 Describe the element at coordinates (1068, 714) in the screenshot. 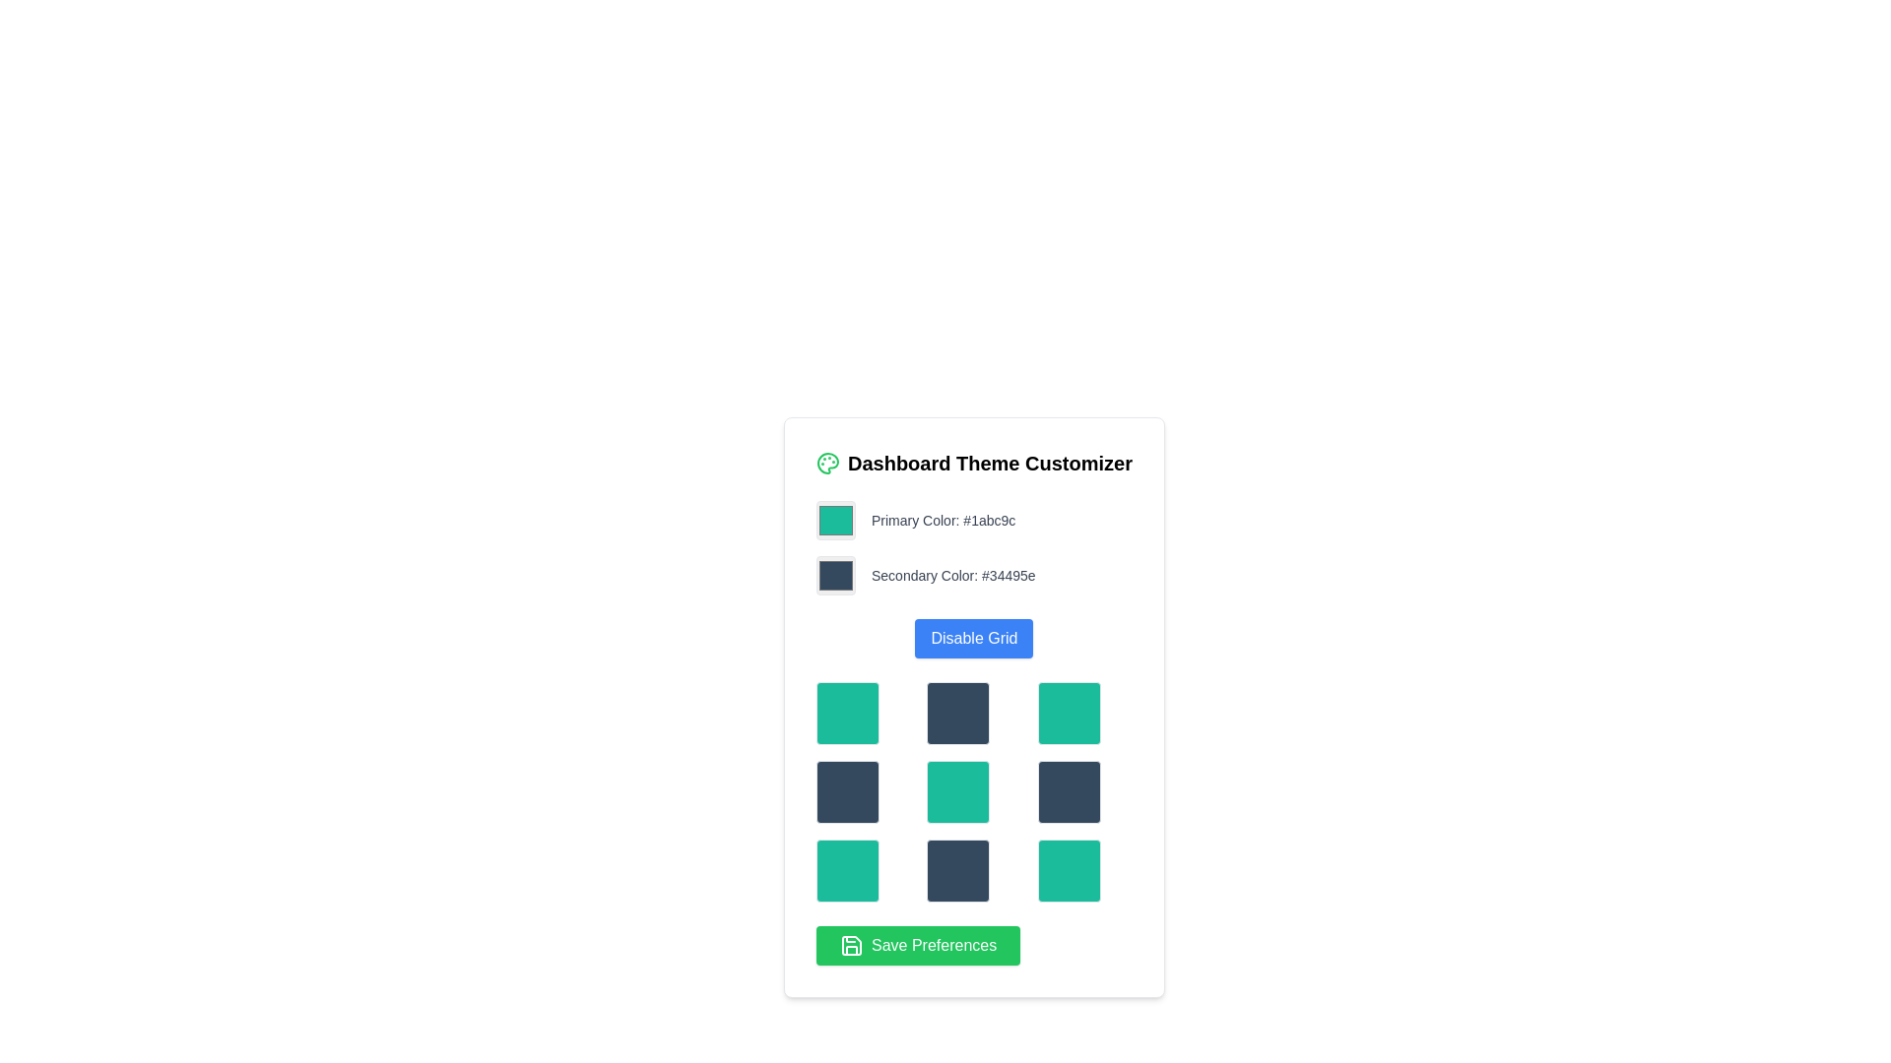

I see `the third tile in the topmost row of a 3x3 grid layout, which serves as a decorative tile and is non-interactive` at that location.